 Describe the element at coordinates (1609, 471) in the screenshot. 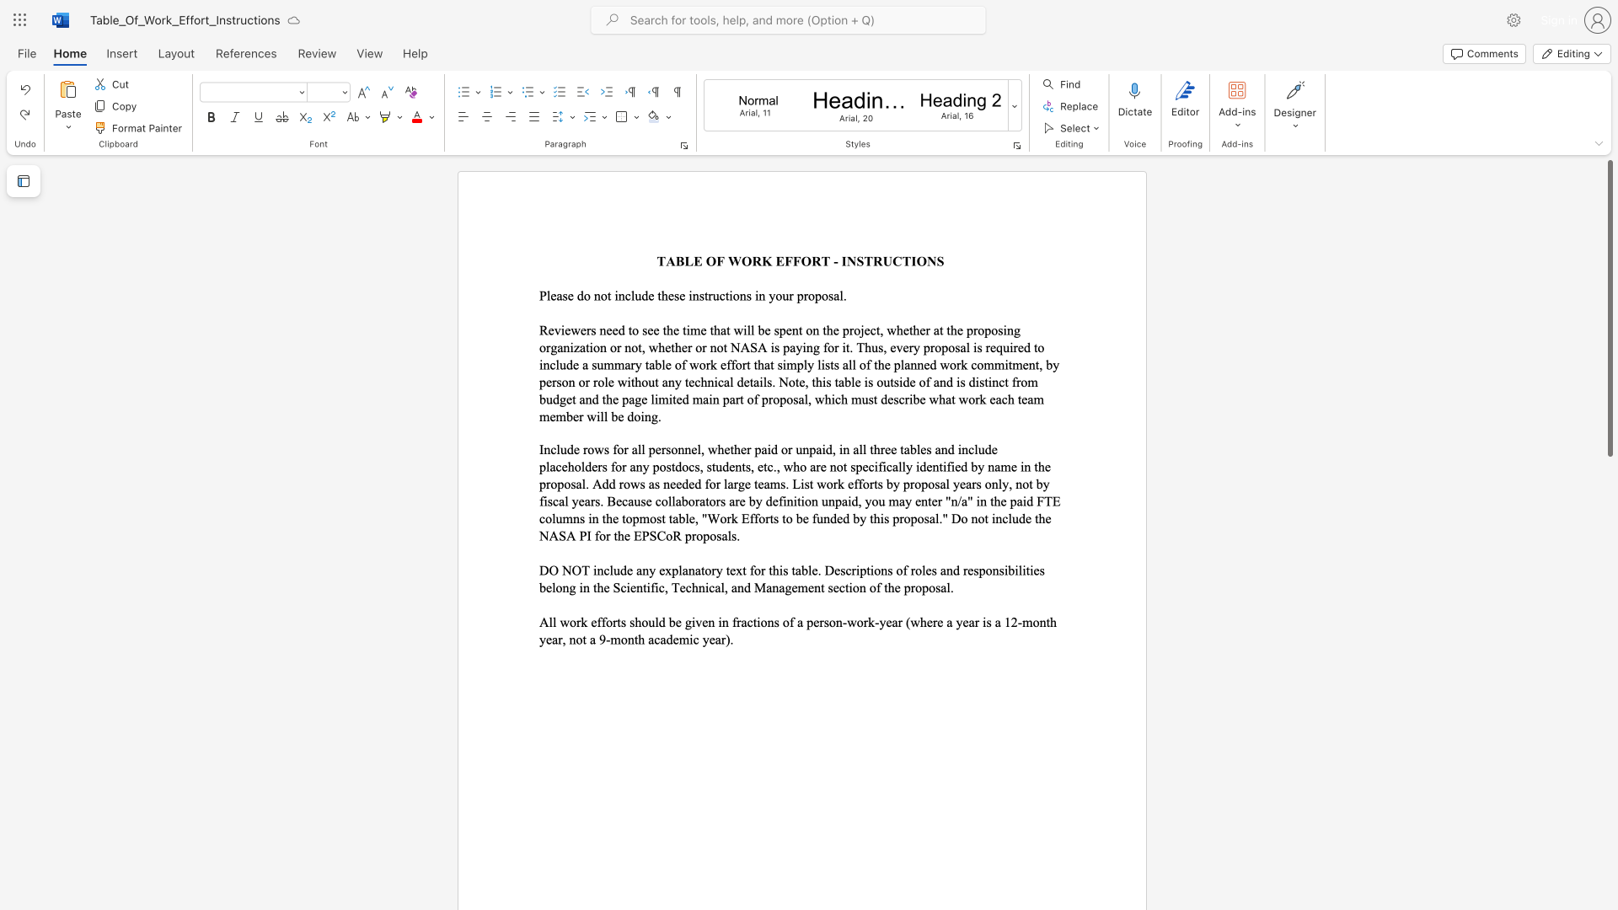

I see `the scrollbar on the right side to scroll the page down` at that location.